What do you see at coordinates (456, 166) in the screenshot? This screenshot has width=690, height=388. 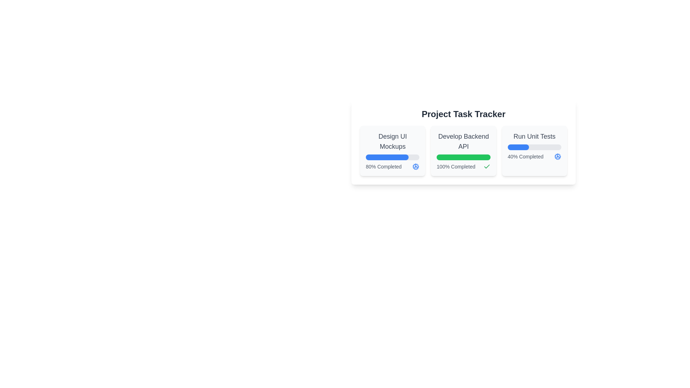 I see `text from the Text Label indicating the completion status of the 'Develop Backend API' task, which is located at the bottom-left corner of its task card` at bounding box center [456, 166].